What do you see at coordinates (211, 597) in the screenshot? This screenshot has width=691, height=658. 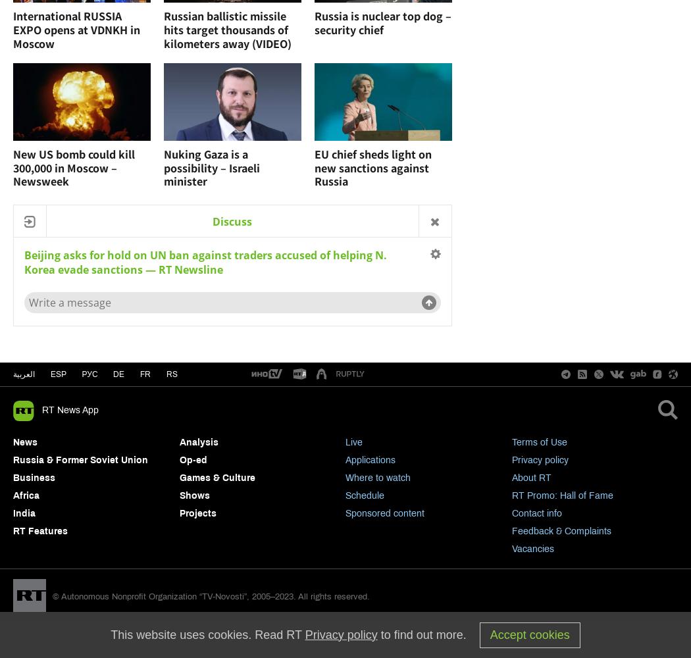 I see `'© Autonomous Nonprofit Organization “TV-Novosti”, 2005–2023. All rights reserved.'` at bounding box center [211, 597].